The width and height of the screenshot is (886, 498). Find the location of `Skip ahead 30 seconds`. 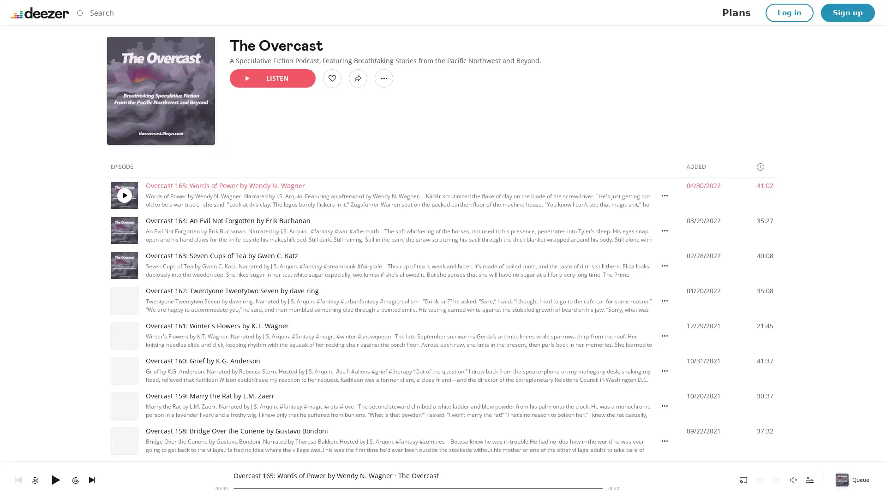

Skip ahead 30 seconds is located at coordinates (75, 479).